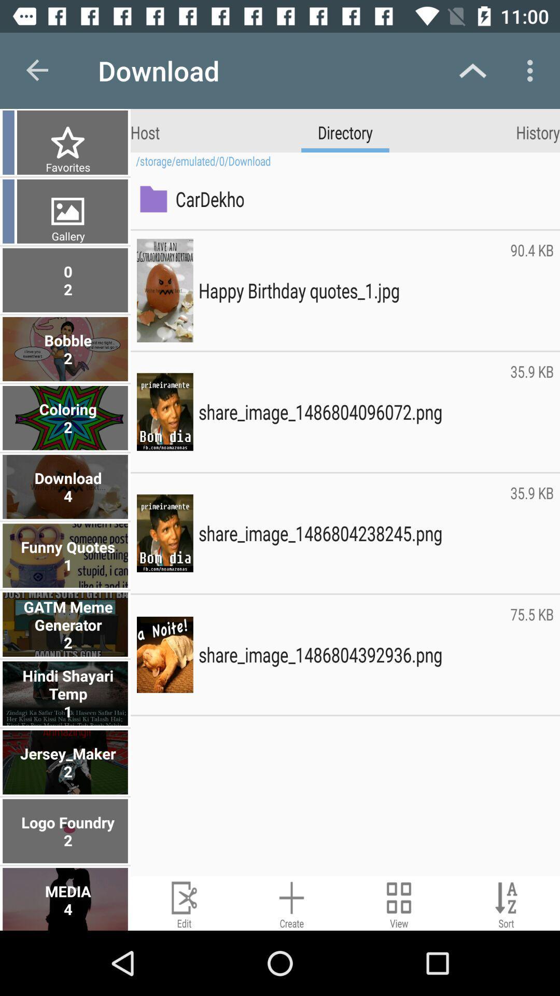  What do you see at coordinates (506, 903) in the screenshot?
I see `sort alphabetically` at bounding box center [506, 903].